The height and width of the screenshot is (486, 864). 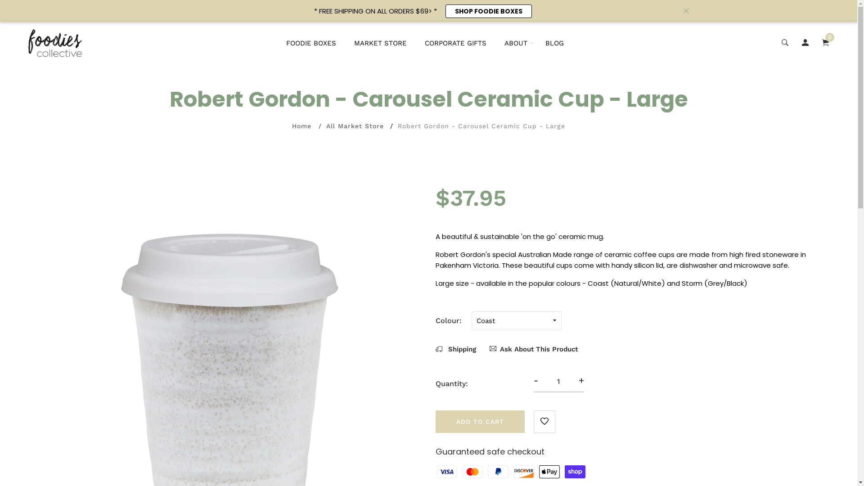 I want to click on '+', so click(x=581, y=380).